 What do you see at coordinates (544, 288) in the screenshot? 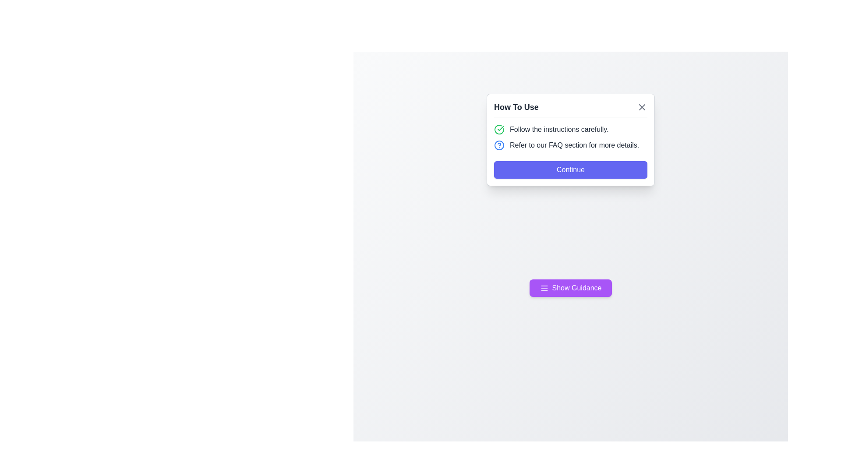
I see `the minimalist three-horizontal-line icon (hamburger icon) located within the 'Show Guidance' button, positioned towards the left side of the text` at bounding box center [544, 288].